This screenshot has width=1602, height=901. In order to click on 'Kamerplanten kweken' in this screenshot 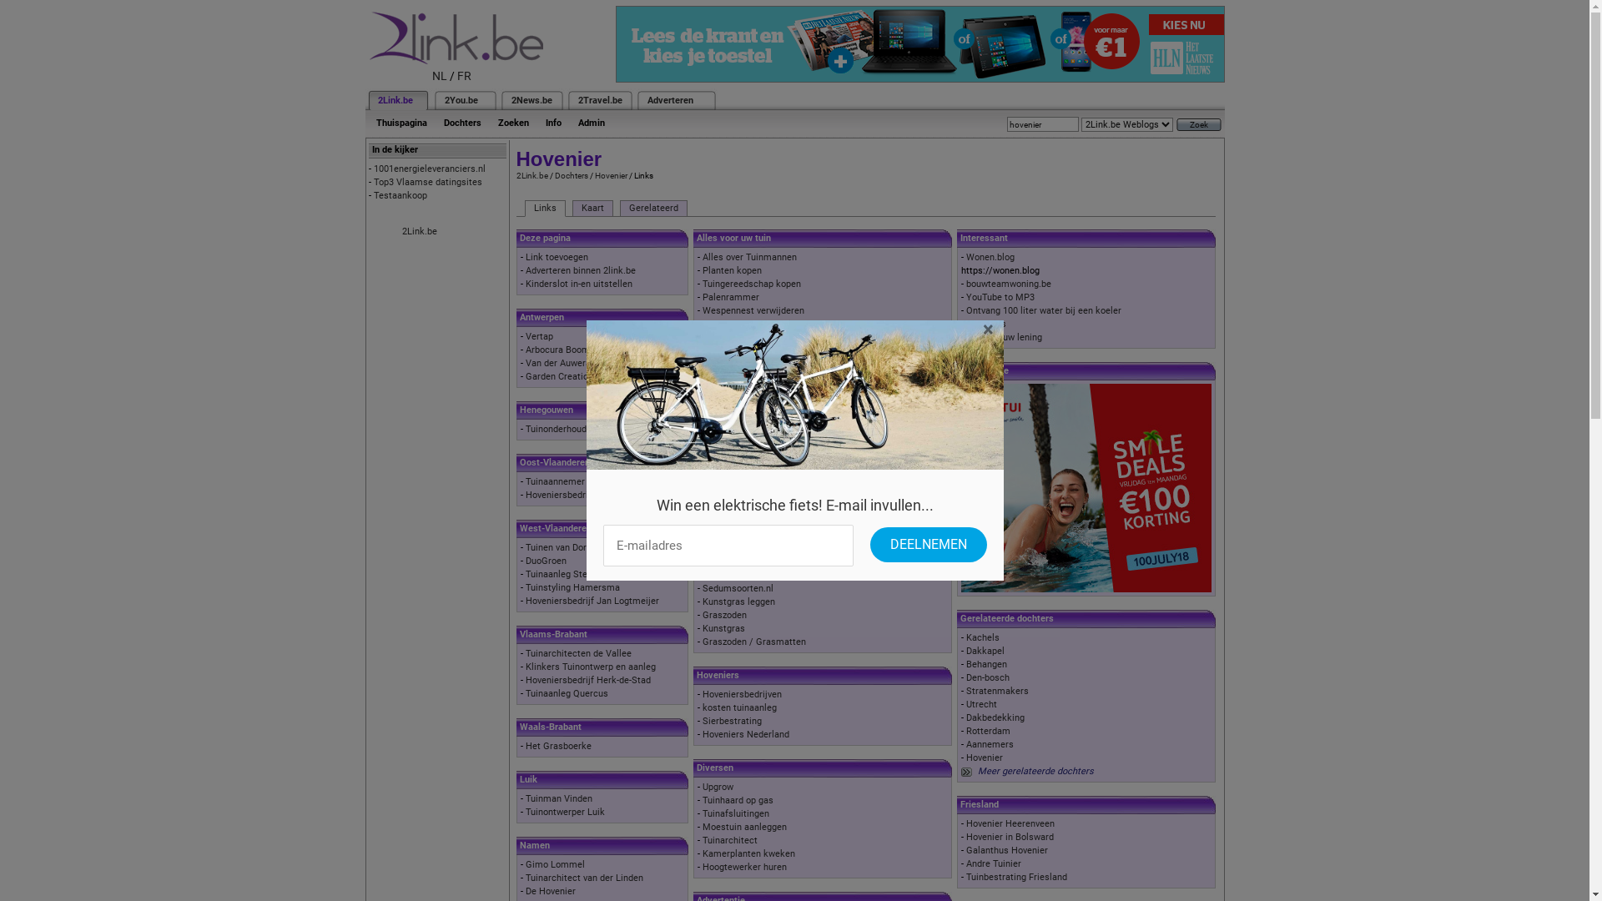, I will do `click(748, 853)`.